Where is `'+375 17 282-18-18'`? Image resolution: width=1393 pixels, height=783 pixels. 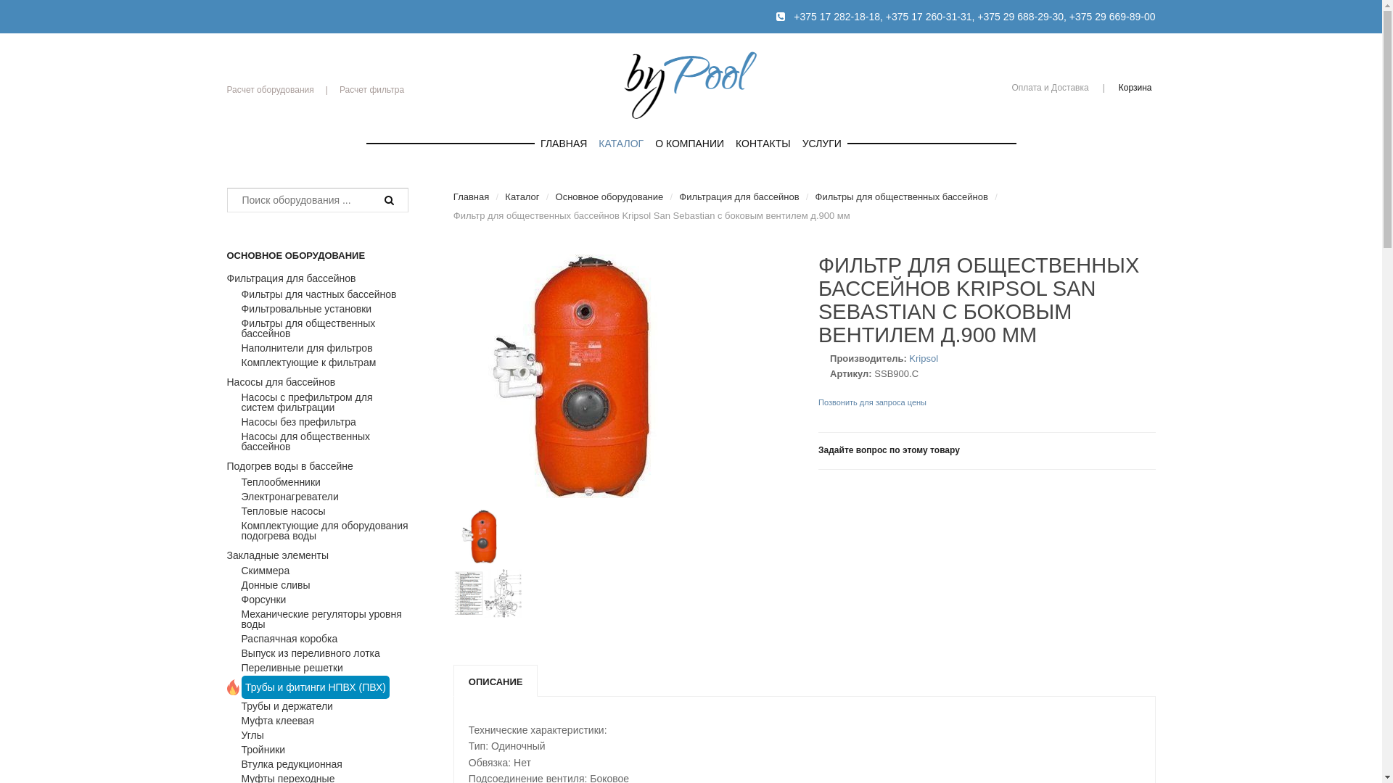 '+375 17 282-18-18' is located at coordinates (837, 17).